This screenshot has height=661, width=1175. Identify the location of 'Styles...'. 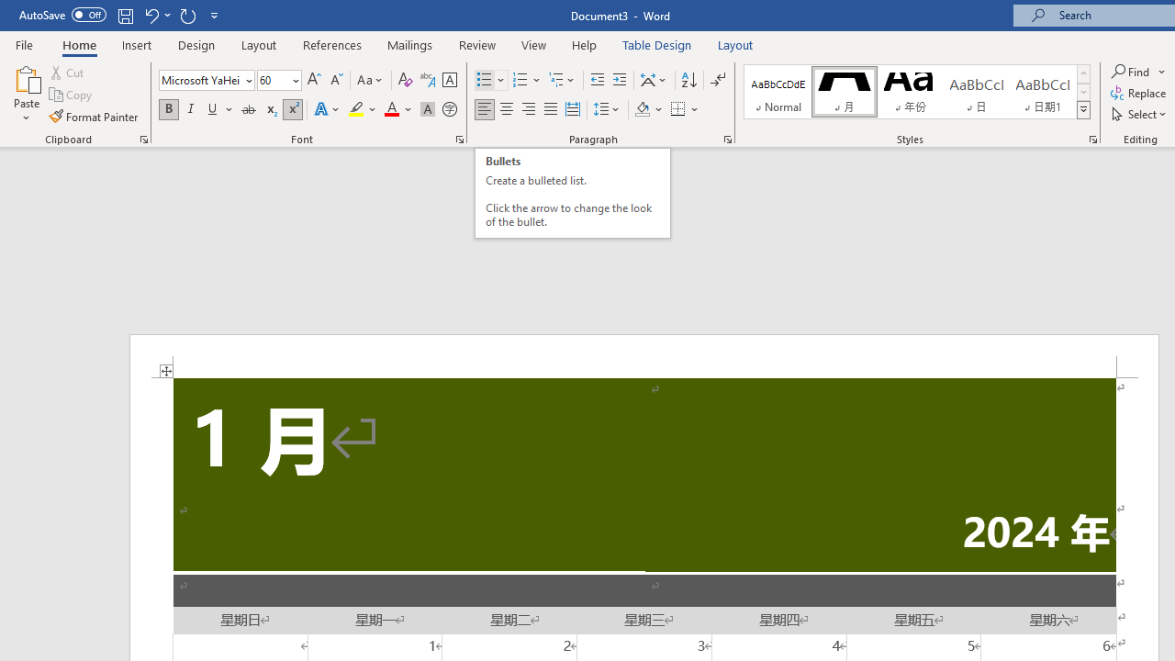
(1093, 138).